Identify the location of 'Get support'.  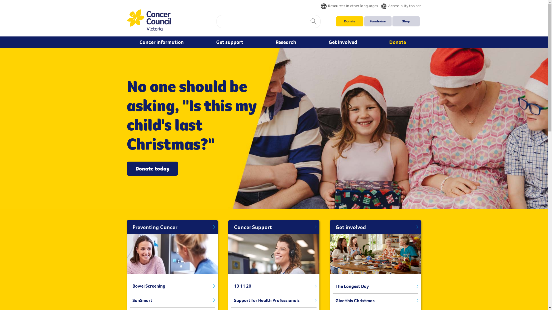
(231, 42).